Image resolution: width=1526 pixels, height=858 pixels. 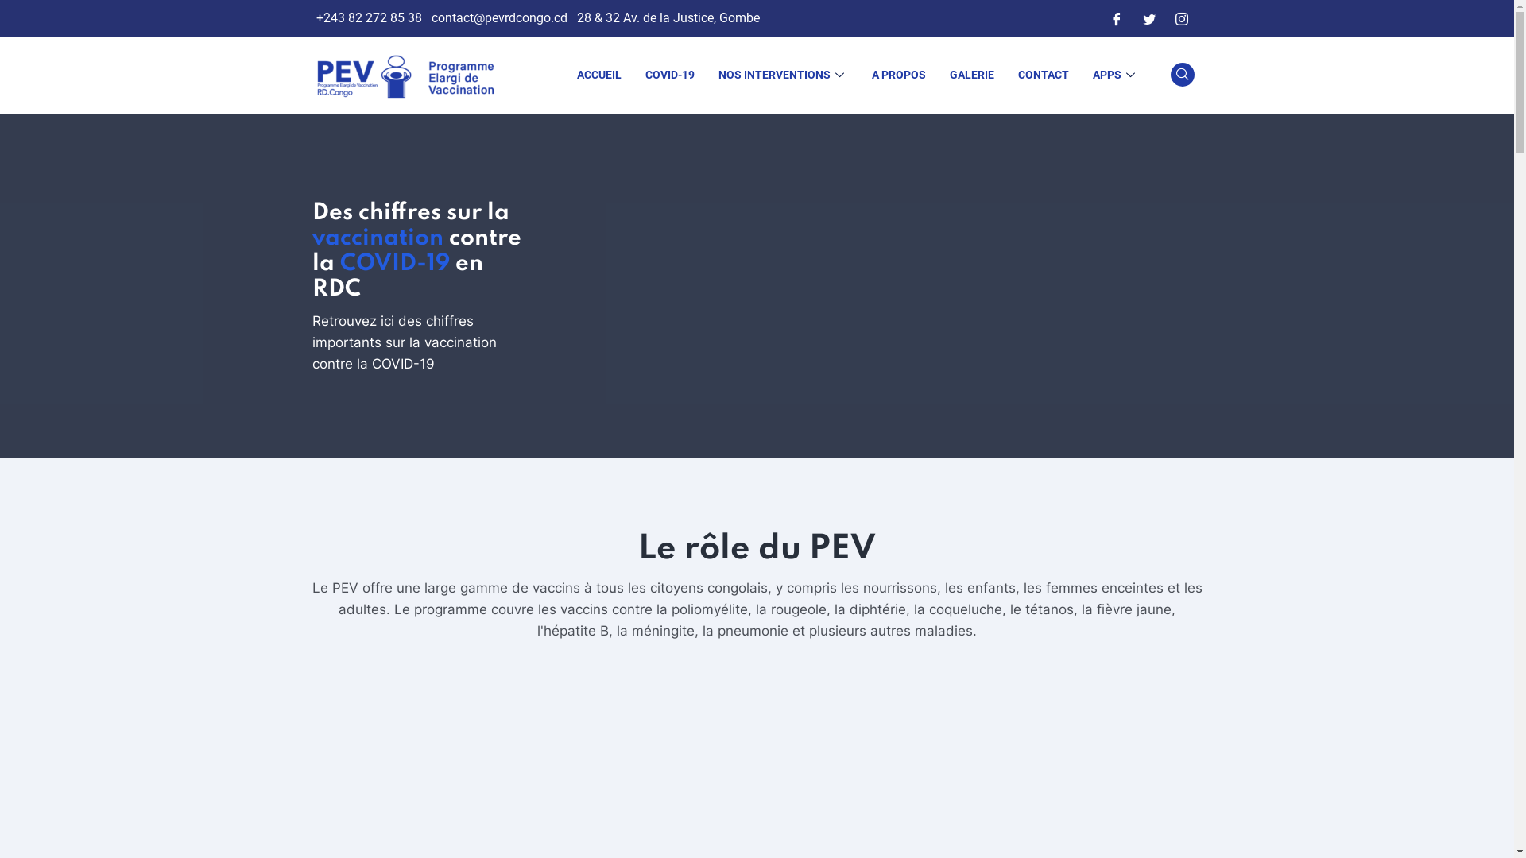 What do you see at coordinates (598, 74) in the screenshot?
I see `'ACCUEIL'` at bounding box center [598, 74].